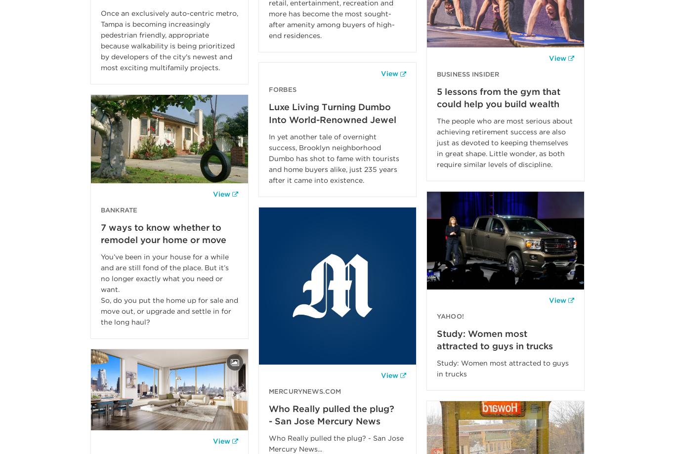 The width and height of the screenshot is (675, 454). I want to click on 'Business Insider', so click(468, 73).